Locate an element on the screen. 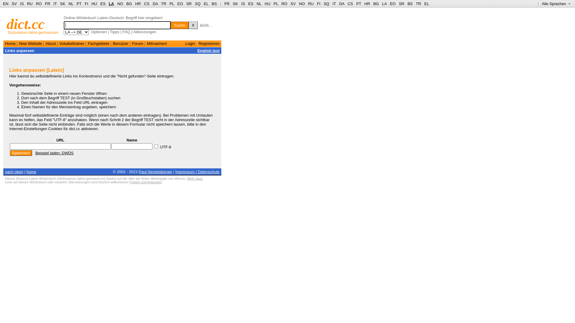 The height and width of the screenshot is (323, 575). 'PL' is located at coordinates (275, 4).